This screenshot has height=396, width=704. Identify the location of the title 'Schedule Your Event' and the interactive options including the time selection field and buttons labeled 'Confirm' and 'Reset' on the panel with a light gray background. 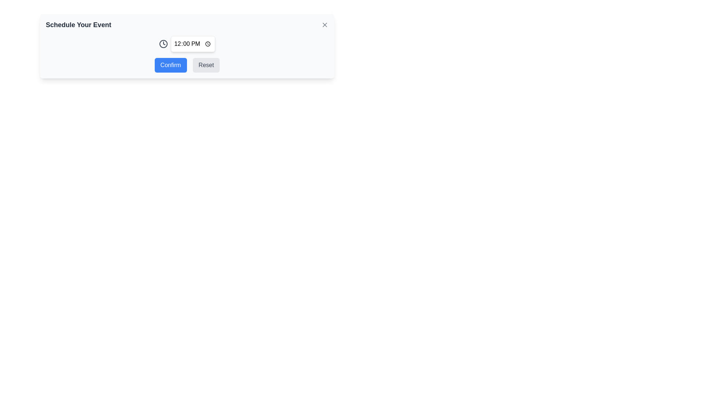
(187, 46).